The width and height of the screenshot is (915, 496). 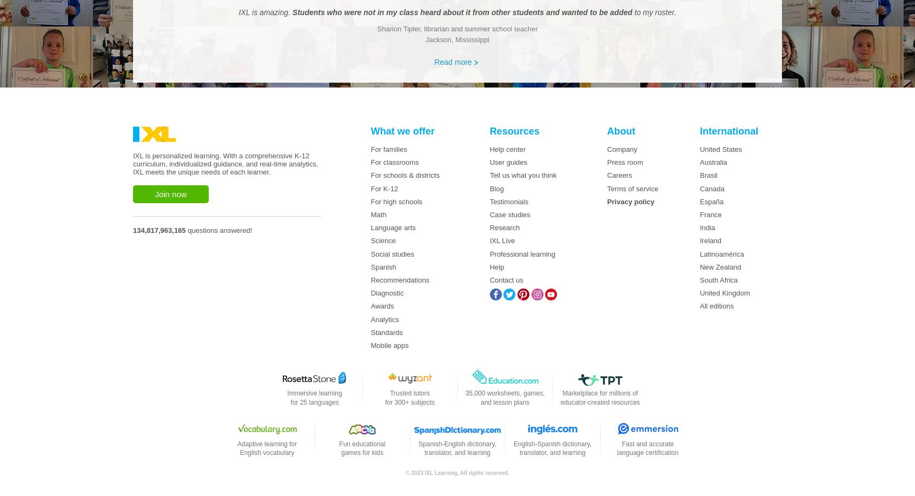 What do you see at coordinates (395, 201) in the screenshot?
I see `'For high schools'` at bounding box center [395, 201].